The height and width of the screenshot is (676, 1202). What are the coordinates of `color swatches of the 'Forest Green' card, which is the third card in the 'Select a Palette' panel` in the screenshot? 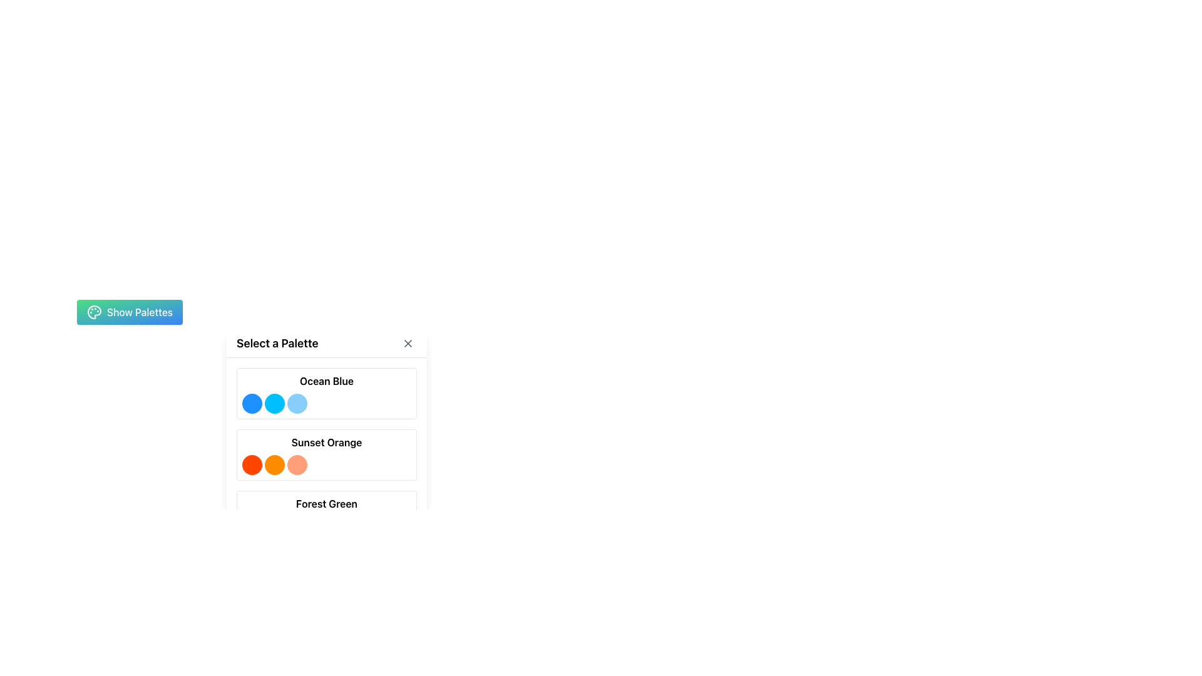 It's located at (327, 516).